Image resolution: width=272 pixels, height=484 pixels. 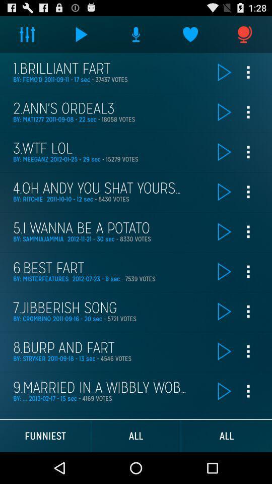 I want to click on the warning icon, so click(x=136, y=36).